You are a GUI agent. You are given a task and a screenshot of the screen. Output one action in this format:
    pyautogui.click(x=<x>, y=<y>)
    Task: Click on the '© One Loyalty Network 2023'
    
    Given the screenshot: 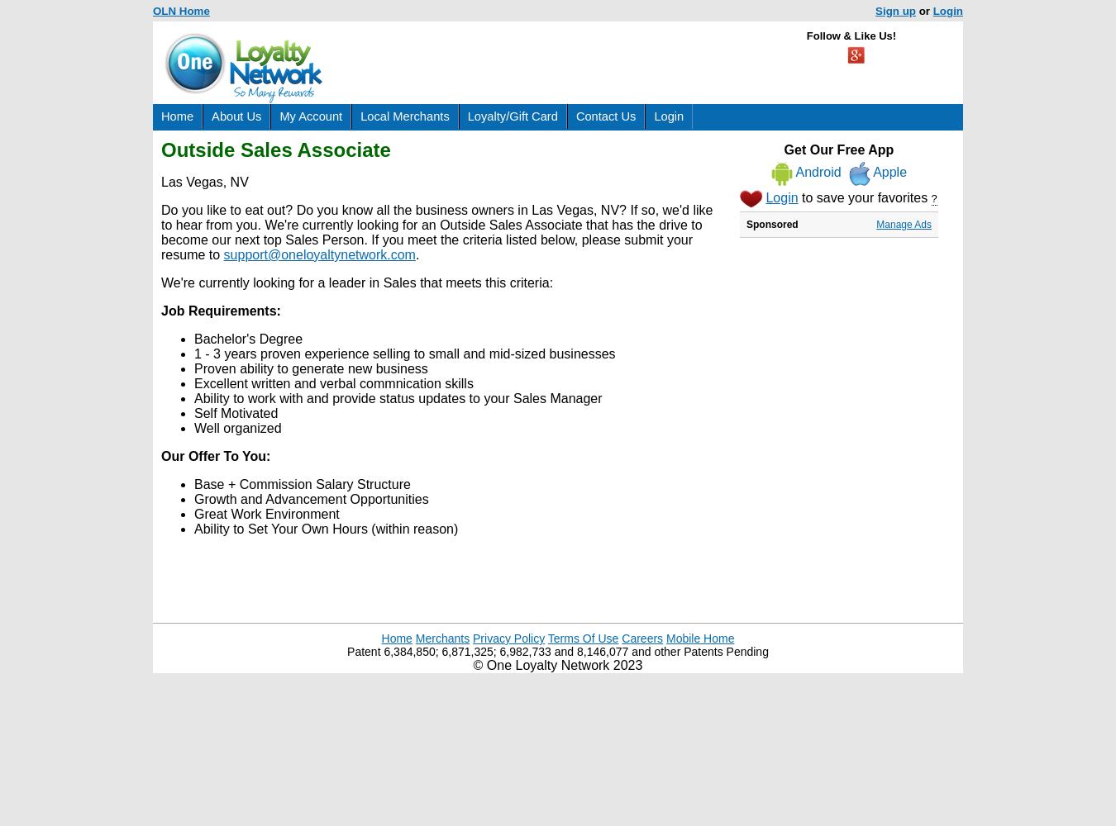 What is the action you would take?
    pyautogui.click(x=557, y=665)
    